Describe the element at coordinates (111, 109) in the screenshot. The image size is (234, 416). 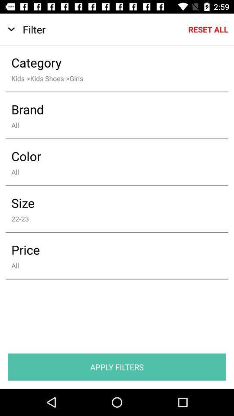
I see `brand` at that location.